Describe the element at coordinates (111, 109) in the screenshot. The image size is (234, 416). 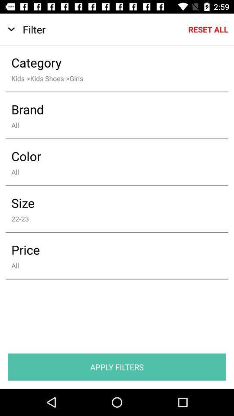
I see `brand` at that location.